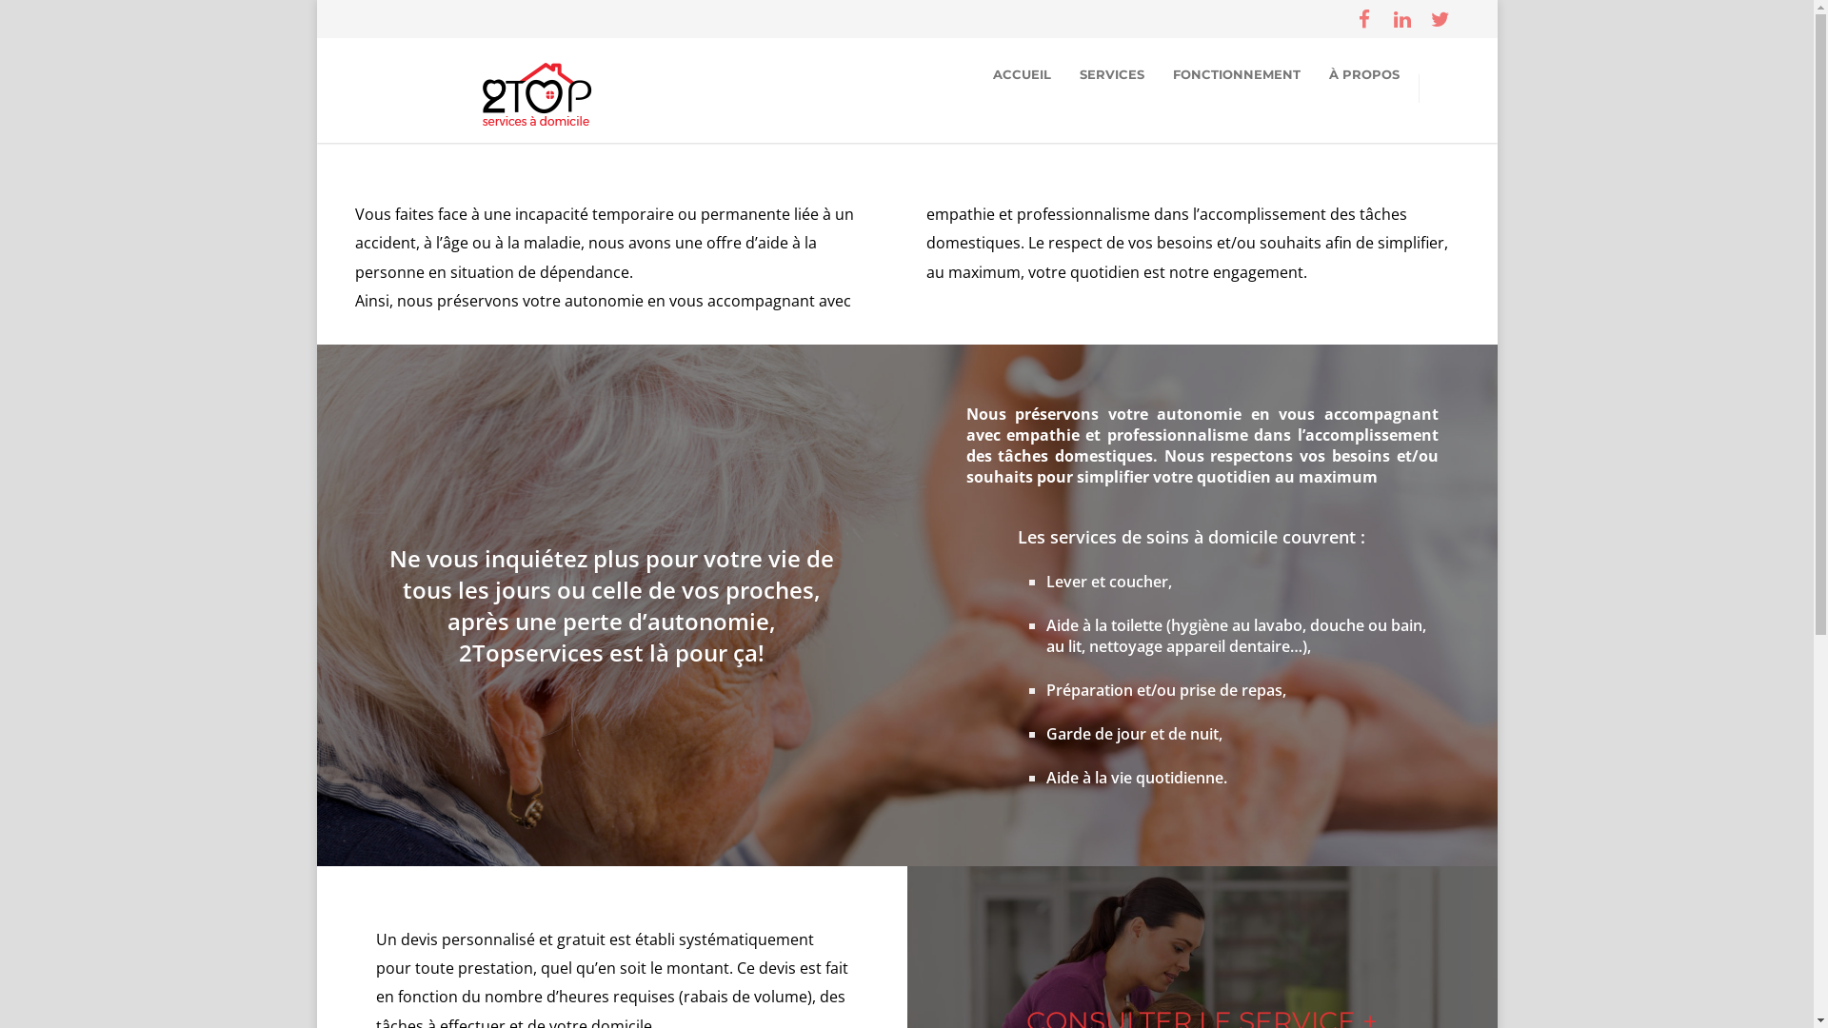 This screenshot has width=1828, height=1028. What do you see at coordinates (1381, 18) in the screenshot?
I see `'LinkedIn'` at bounding box center [1381, 18].